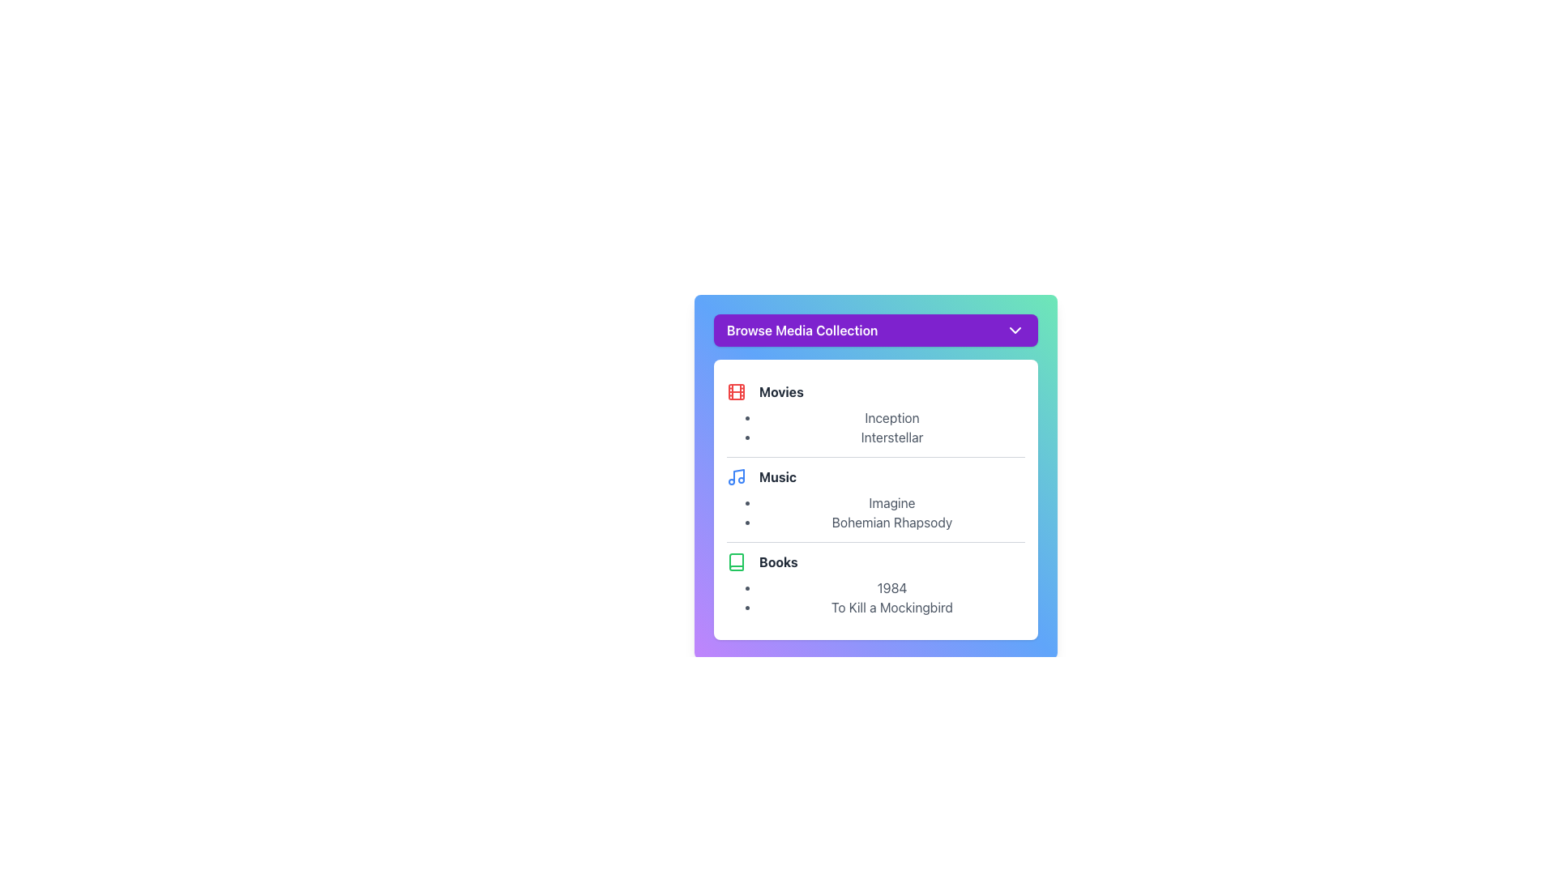 The height and width of the screenshot is (875, 1556). I want to click on the 'Books' icon located to the left of the text 'Books' for recognition, so click(735, 561).